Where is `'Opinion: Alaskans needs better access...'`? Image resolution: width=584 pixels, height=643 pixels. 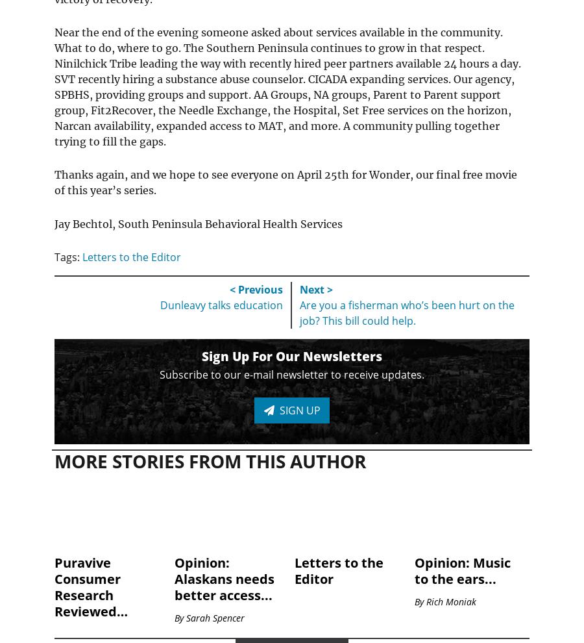
'Opinion: Alaskans needs better access...' is located at coordinates (174, 578).